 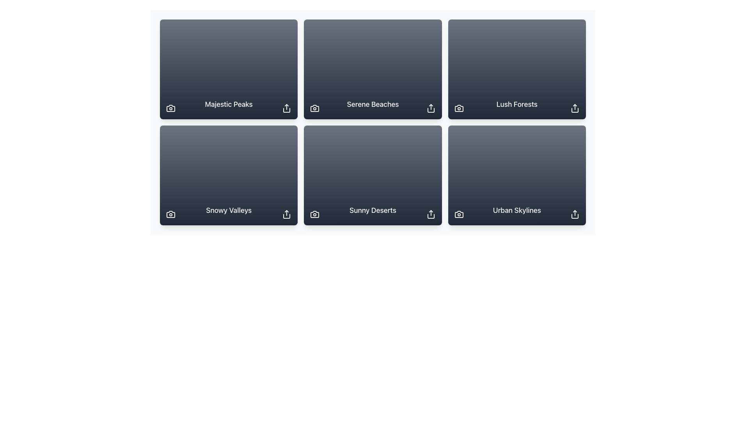 What do you see at coordinates (372, 175) in the screenshot?
I see `the 'Sunny Deserts' card element, which is located` at bounding box center [372, 175].